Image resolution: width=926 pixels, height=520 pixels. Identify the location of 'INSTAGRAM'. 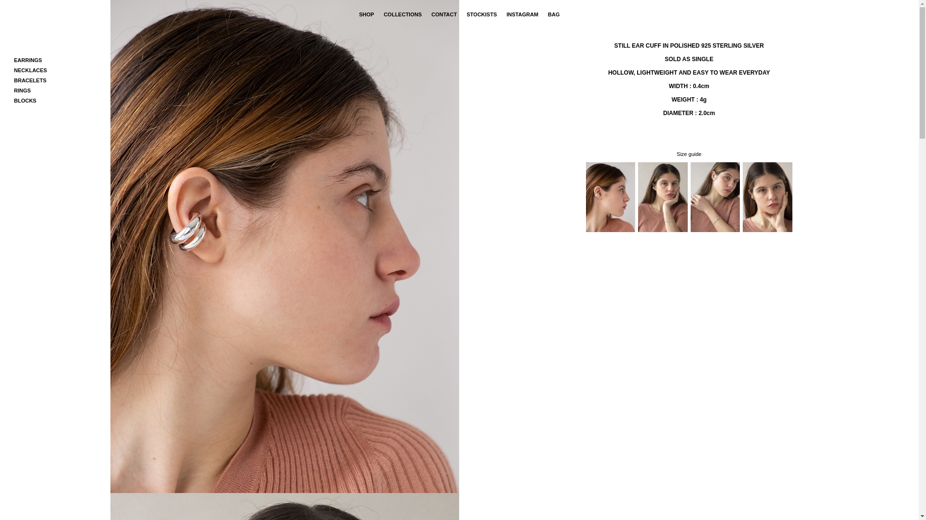
(522, 14).